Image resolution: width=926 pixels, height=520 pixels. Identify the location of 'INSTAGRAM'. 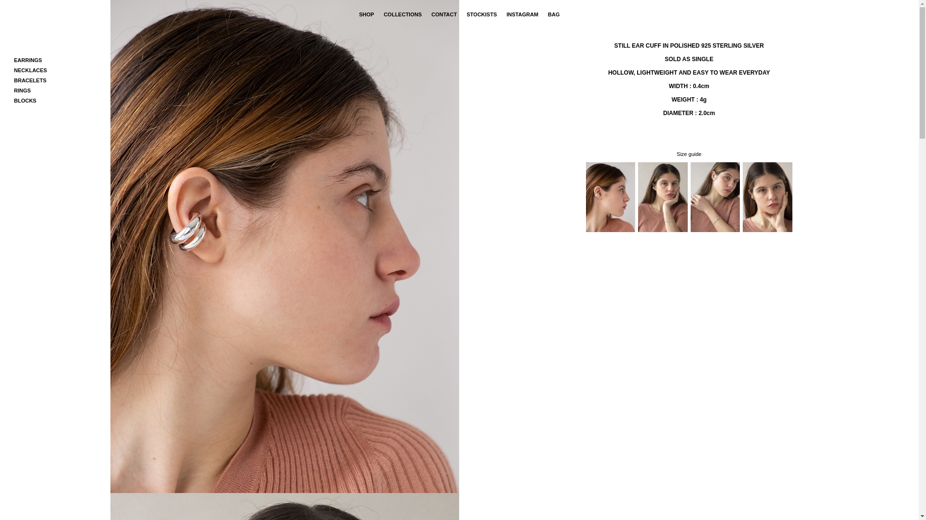
(522, 14).